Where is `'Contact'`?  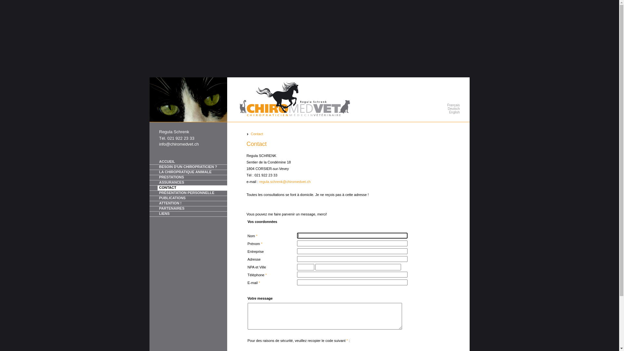
'Contact' is located at coordinates (257, 134).